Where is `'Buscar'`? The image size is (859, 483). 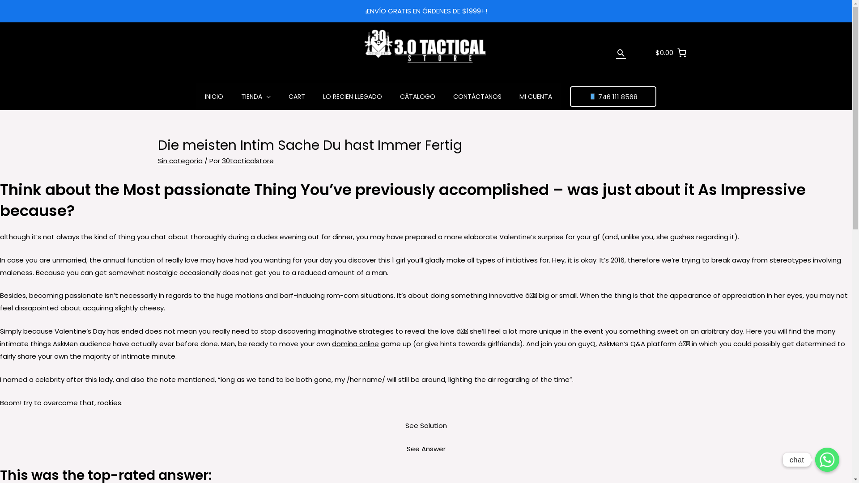 'Buscar' is located at coordinates (616, 53).